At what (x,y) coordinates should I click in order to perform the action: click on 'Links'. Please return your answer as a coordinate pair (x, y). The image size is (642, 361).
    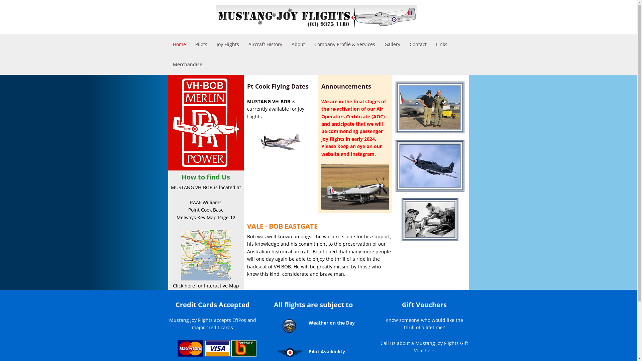
    Looking at the image, I should click on (441, 44).